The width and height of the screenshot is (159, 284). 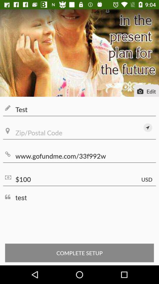 I want to click on $100 item, so click(x=79, y=179).